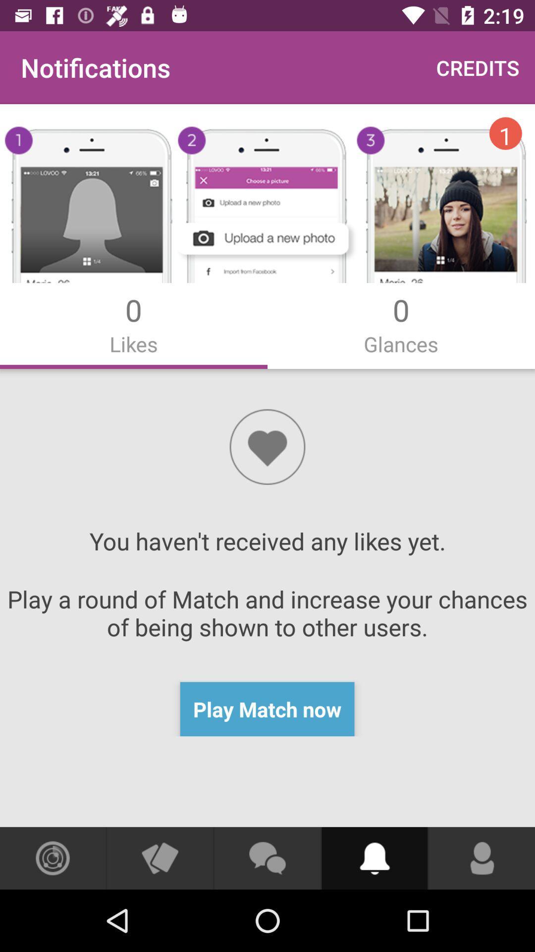  What do you see at coordinates (481, 858) in the screenshot?
I see `the bottom right icon` at bounding box center [481, 858].